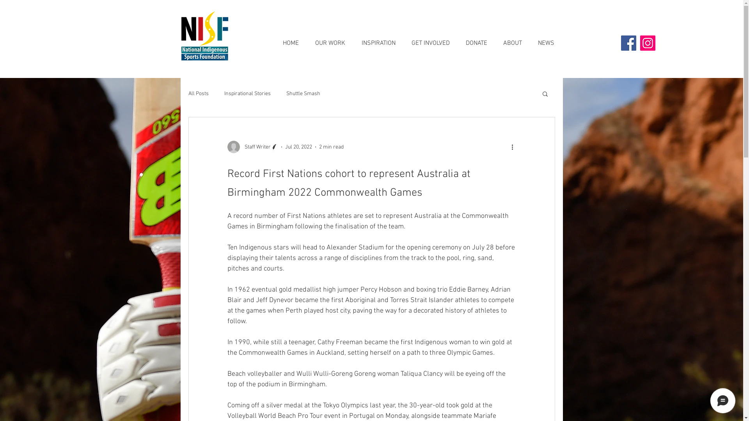 The height and width of the screenshot is (421, 749). Describe the element at coordinates (275, 40) in the screenshot. I see `'HOME'` at that location.